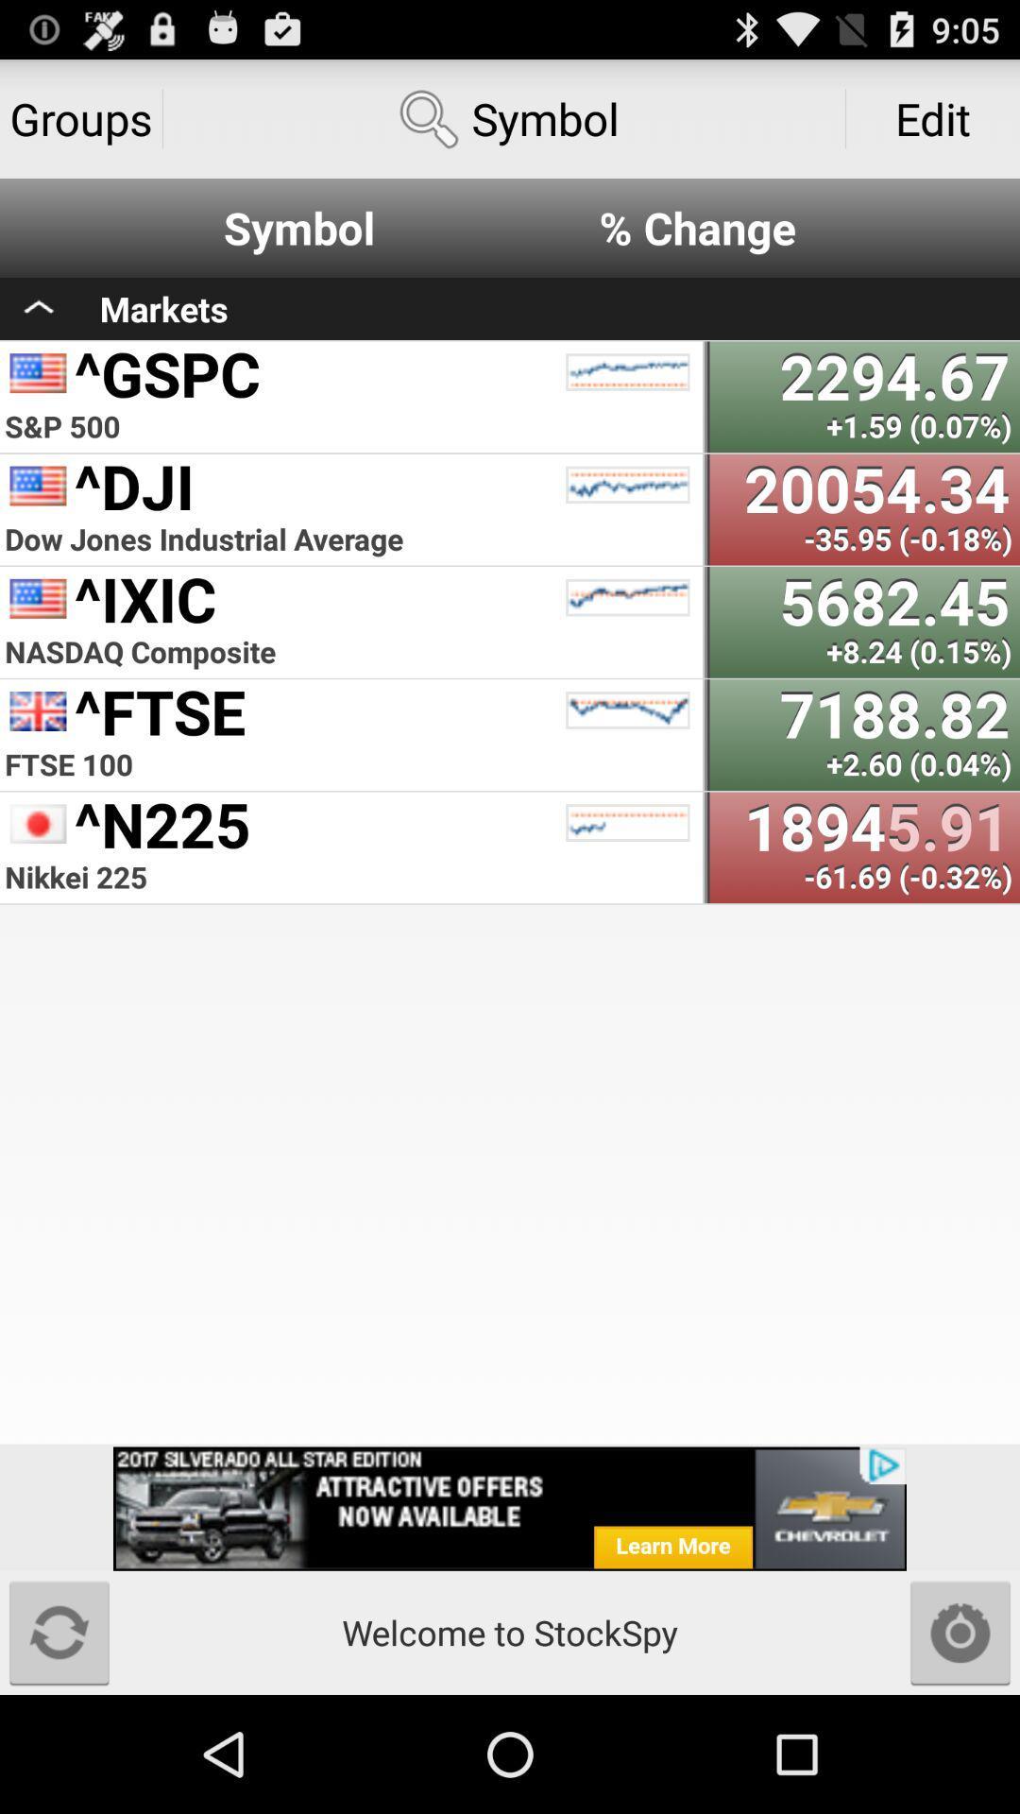 The width and height of the screenshot is (1020, 1814). Describe the element at coordinates (58, 1632) in the screenshot. I see `refresh the page button` at that location.